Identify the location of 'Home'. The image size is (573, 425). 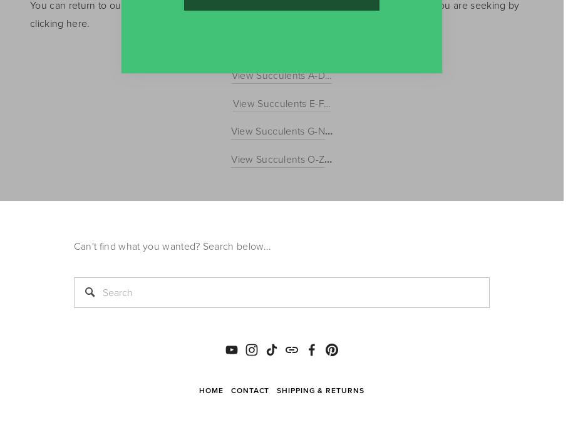
(211, 390).